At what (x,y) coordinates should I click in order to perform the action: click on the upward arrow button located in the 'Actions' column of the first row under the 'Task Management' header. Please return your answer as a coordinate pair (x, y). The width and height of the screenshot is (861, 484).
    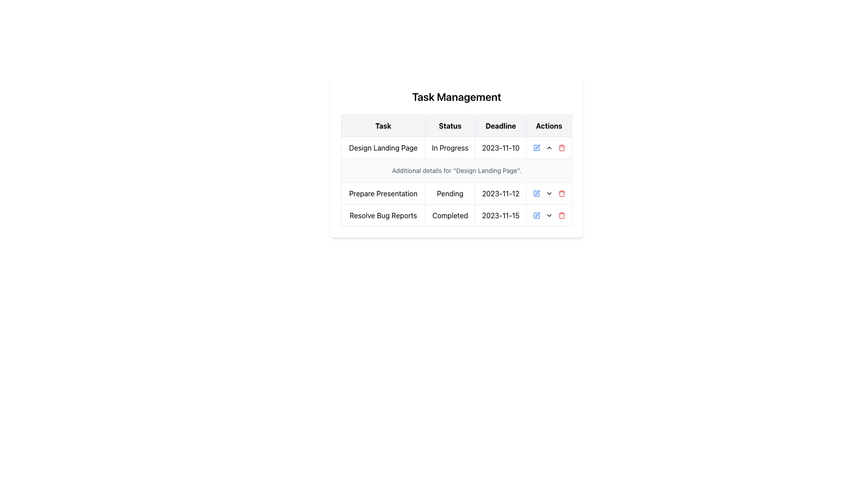
    Looking at the image, I should click on (548, 147).